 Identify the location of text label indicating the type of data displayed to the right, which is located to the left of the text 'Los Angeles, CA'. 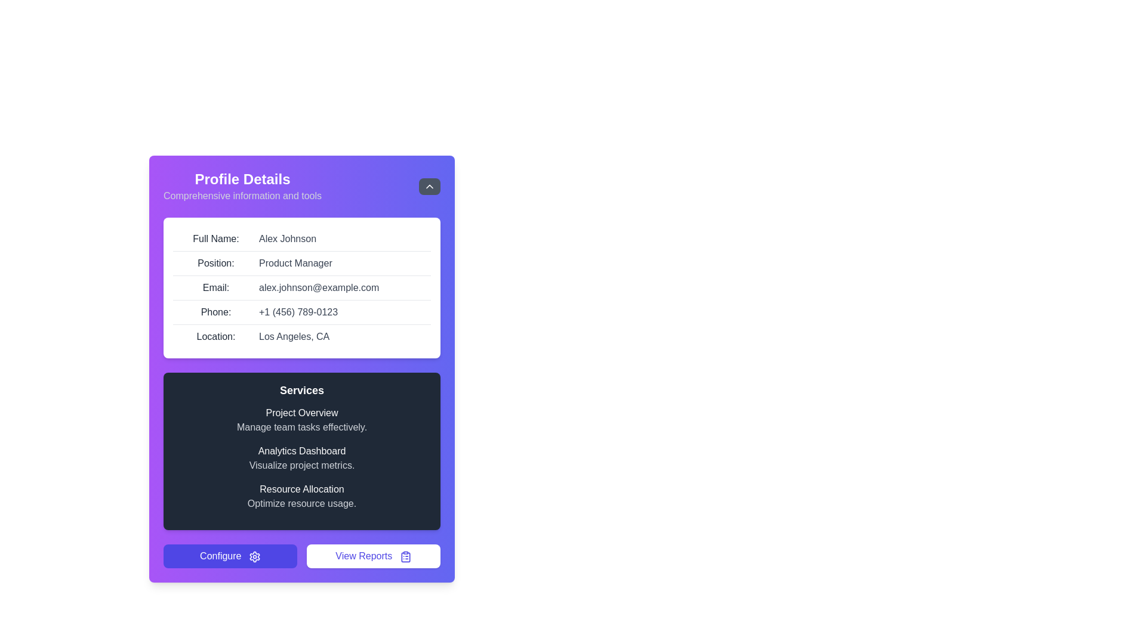
(215, 336).